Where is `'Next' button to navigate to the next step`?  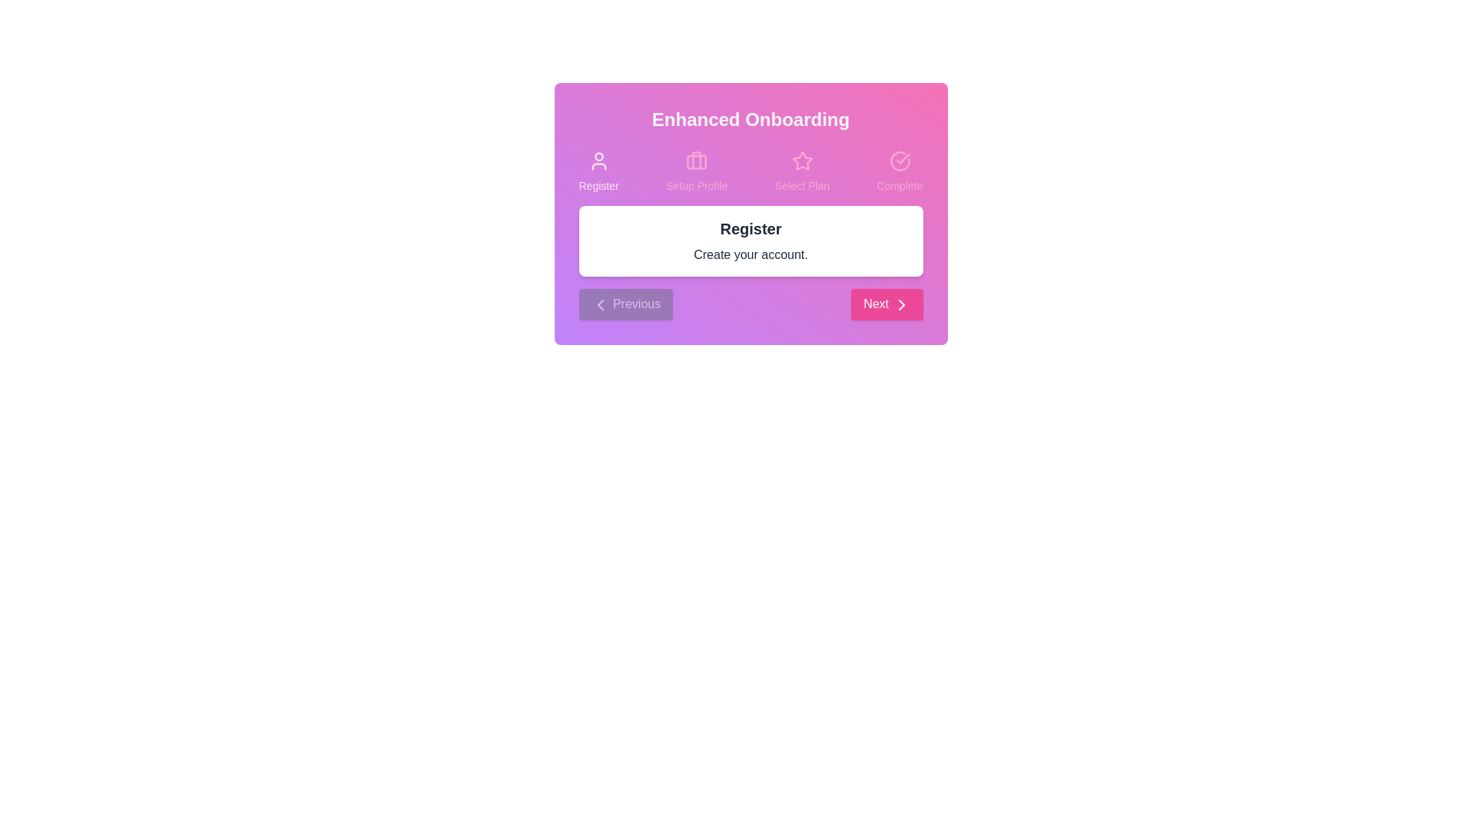
'Next' button to navigate to the next step is located at coordinates (886, 304).